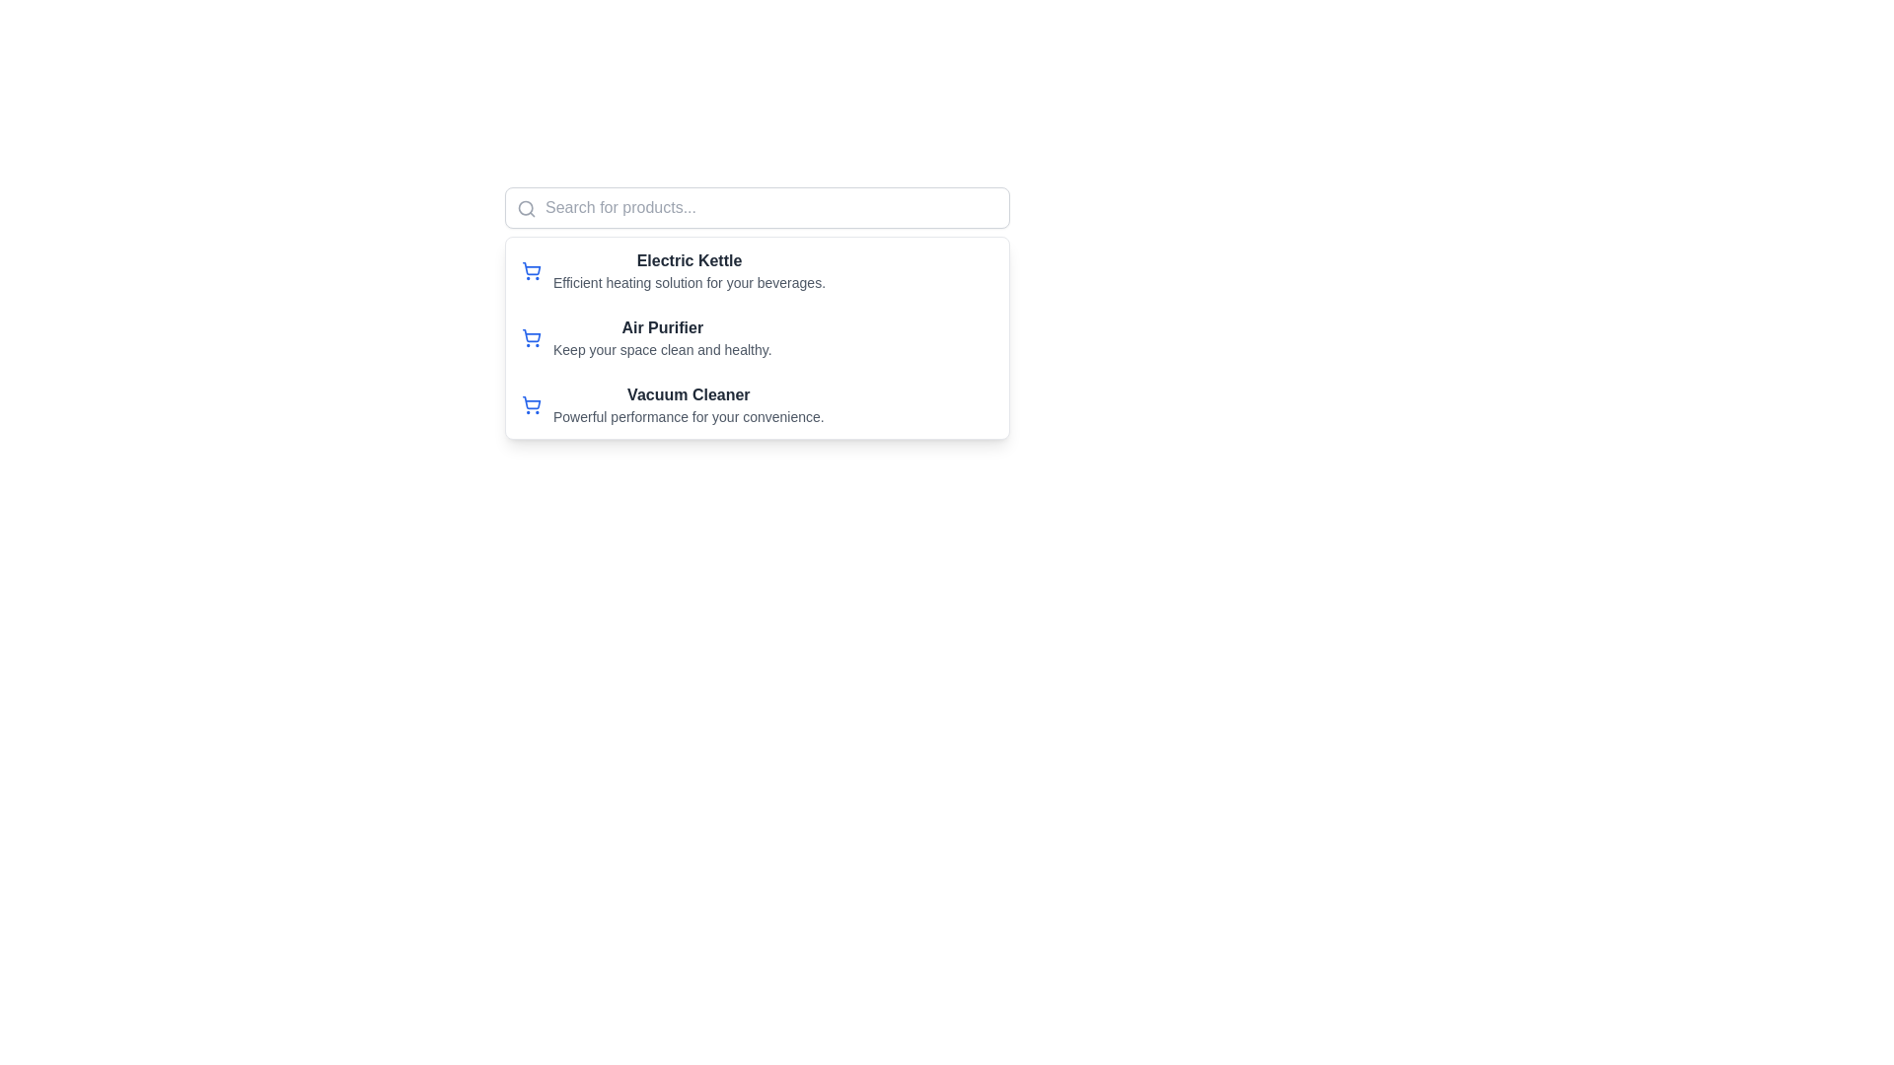  Describe the element at coordinates (689, 395) in the screenshot. I see `the product name text label located as the primary heading within the third item of a list, positioned below 'Air Purifier' and above its descriptive text` at that location.